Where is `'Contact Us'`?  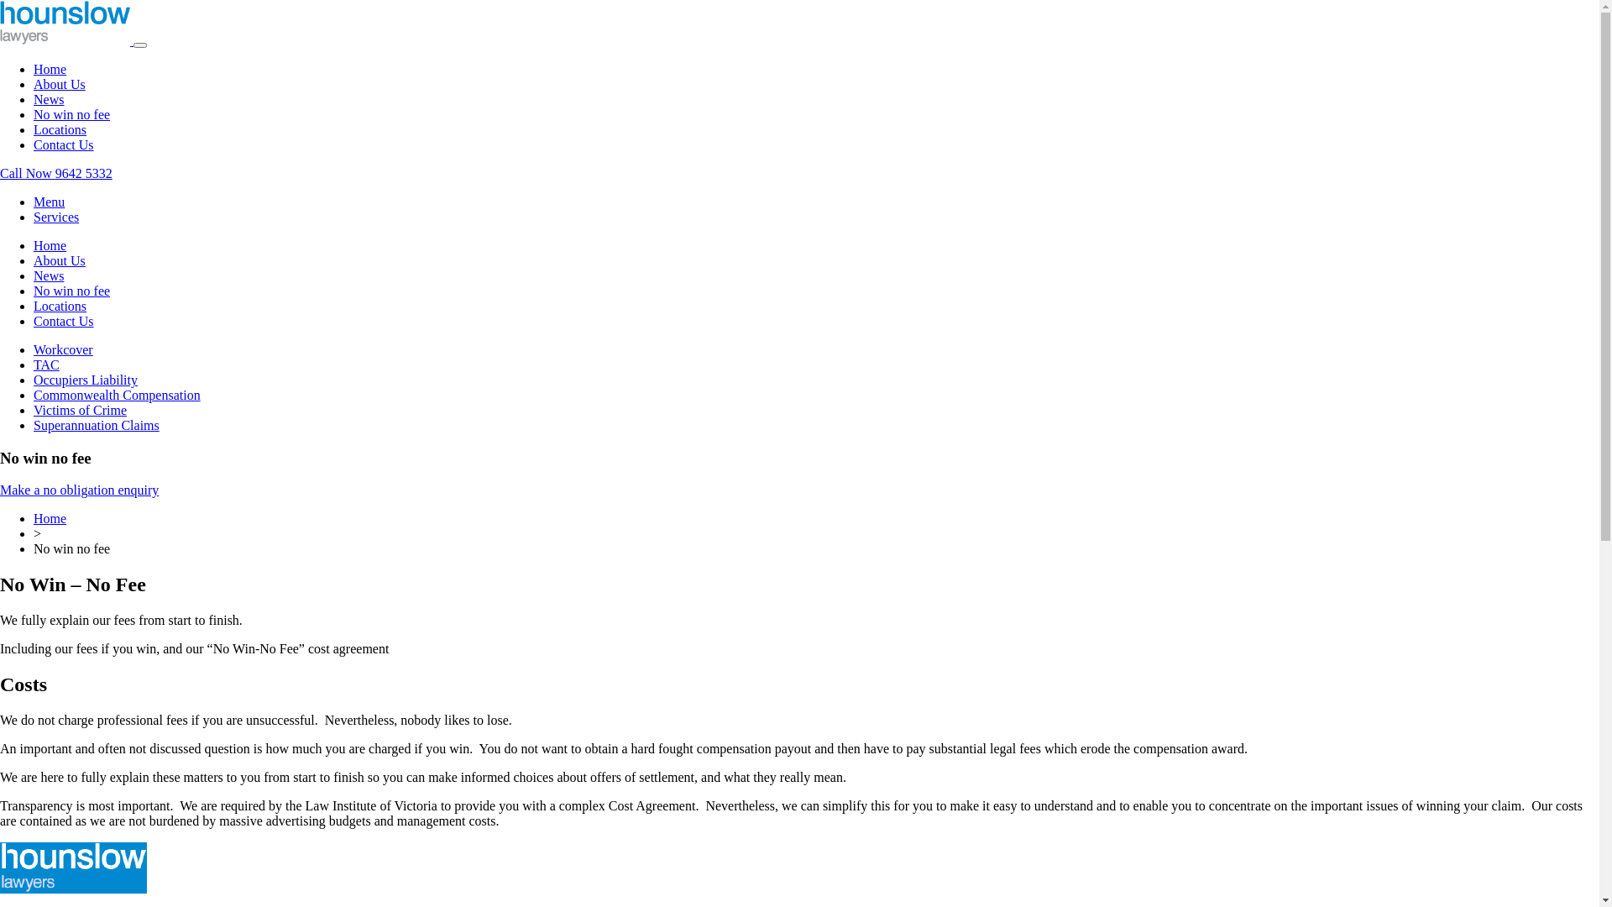
'Contact Us' is located at coordinates (33, 321).